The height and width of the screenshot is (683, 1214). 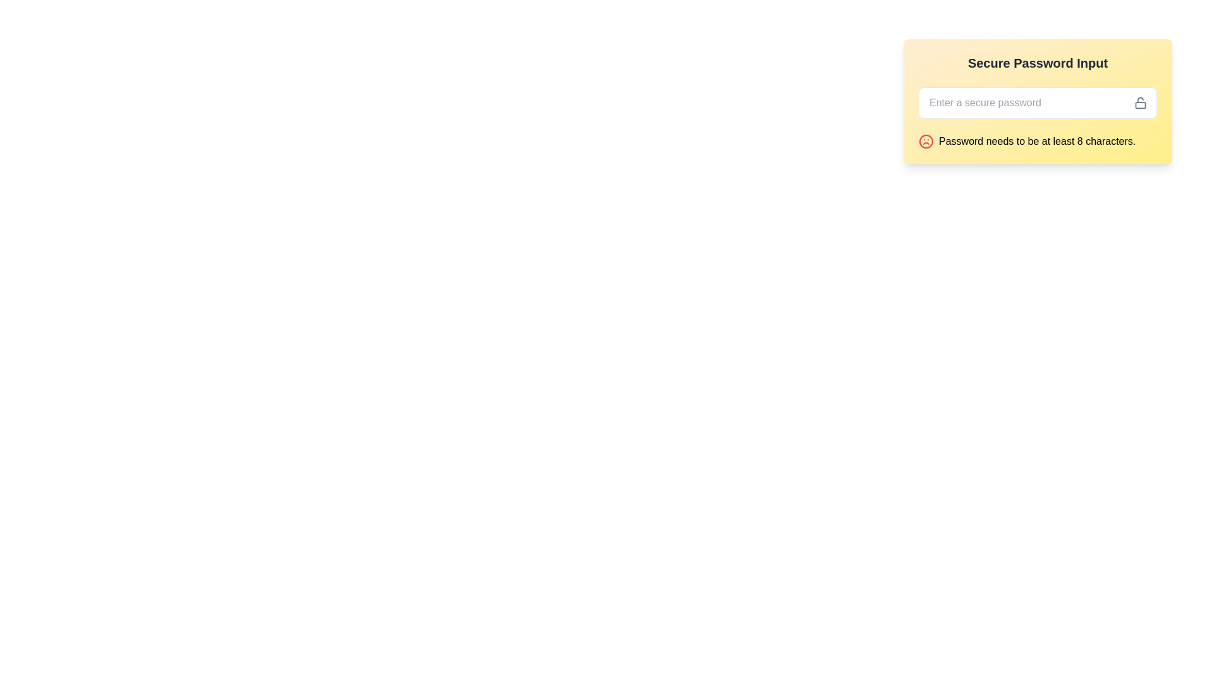 What do you see at coordinates (1038, 63) in the screenshot?
I see `the text block displaying 'Secure Password Input', which is styled in a bold font and is centered within a panel with a gradient yellow background` at bounding box center [1038, 63].